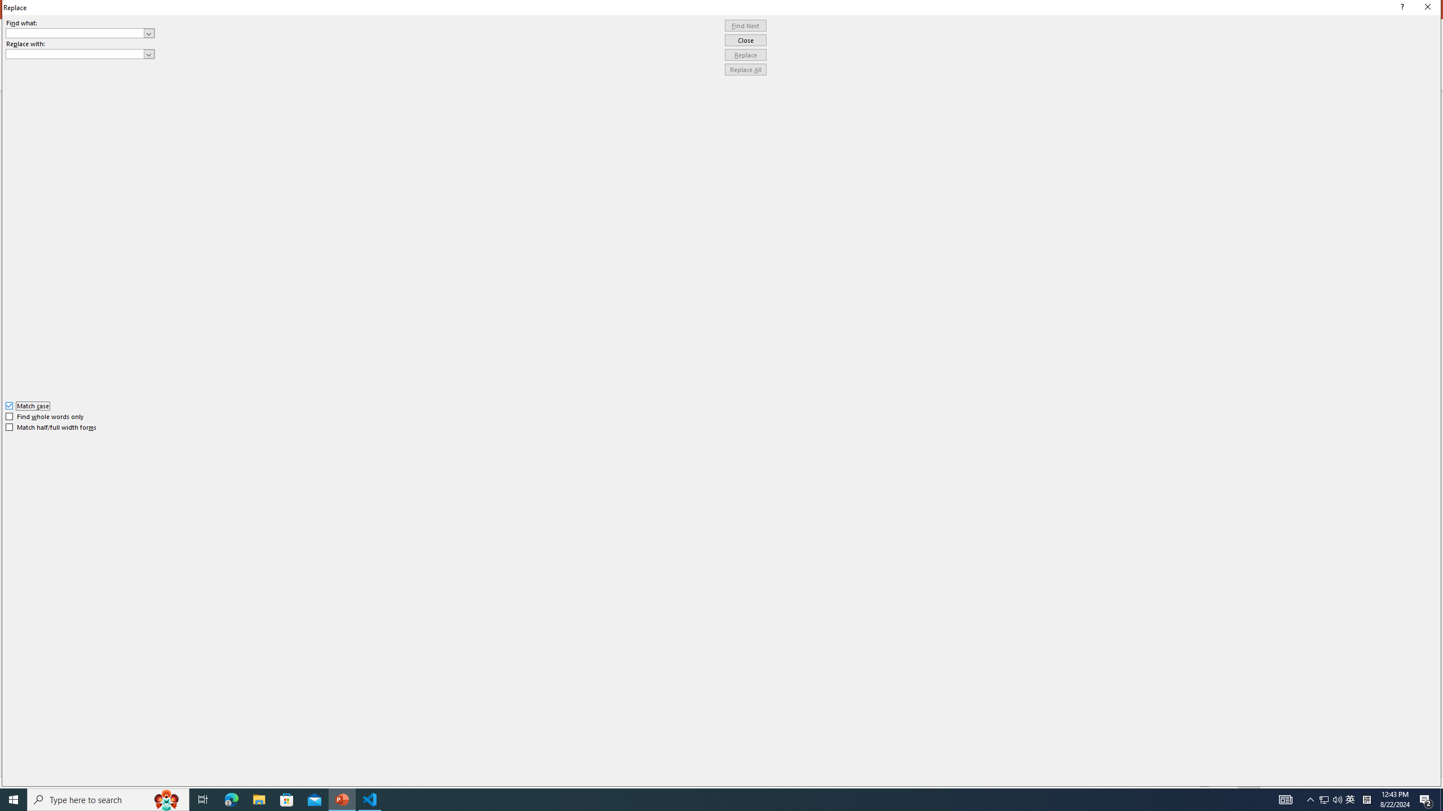  What do you see at coordinates (75, 33) in the screenshot?
I see `'Find what'` at bounding box center [75, 33].